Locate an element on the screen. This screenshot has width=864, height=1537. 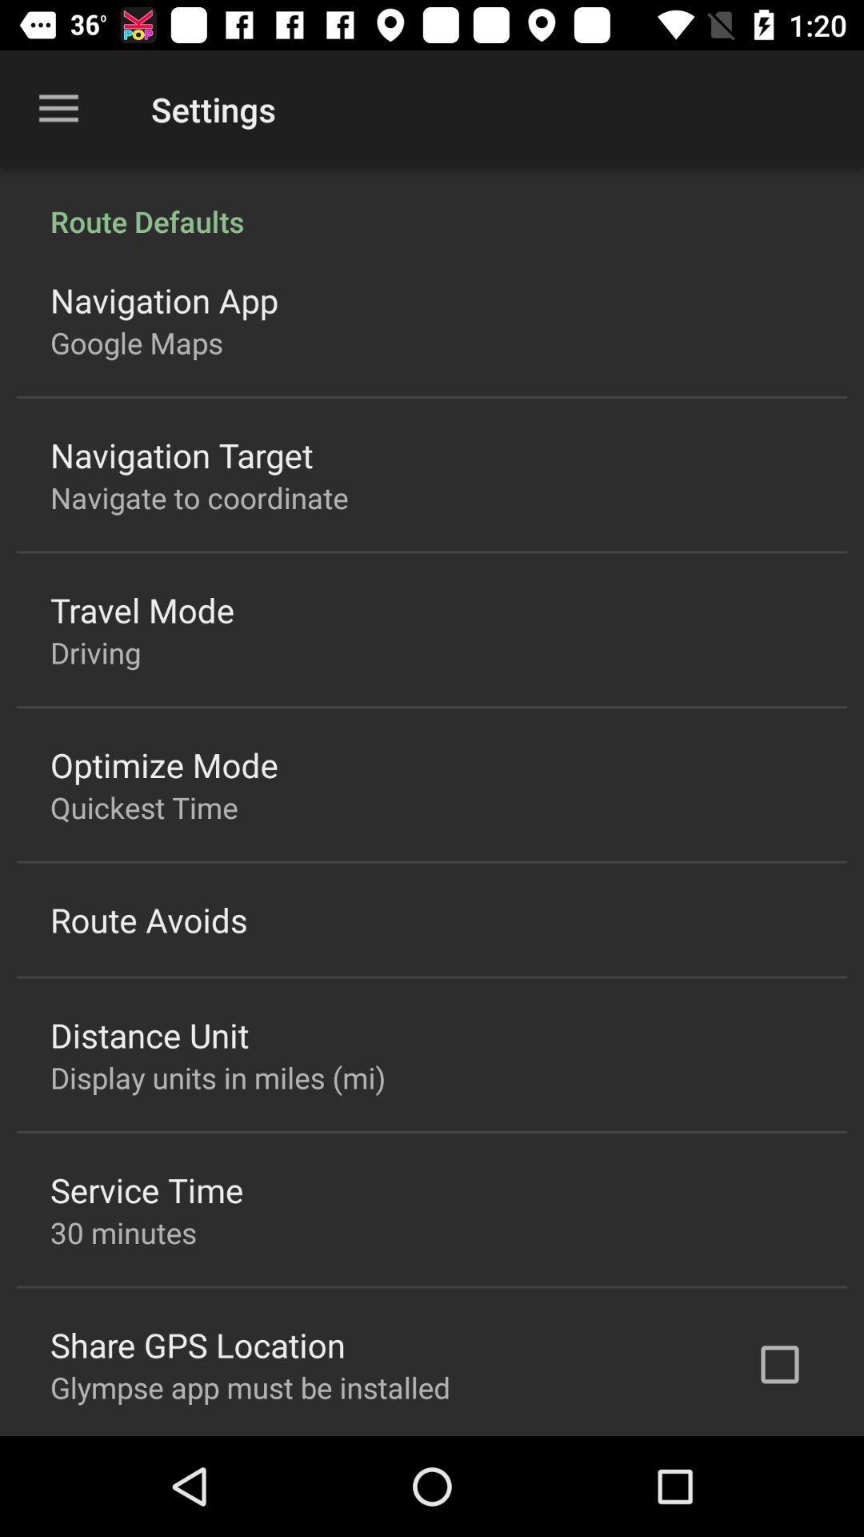
icon at the bottom right corner is located at coordinates (779, 1363).